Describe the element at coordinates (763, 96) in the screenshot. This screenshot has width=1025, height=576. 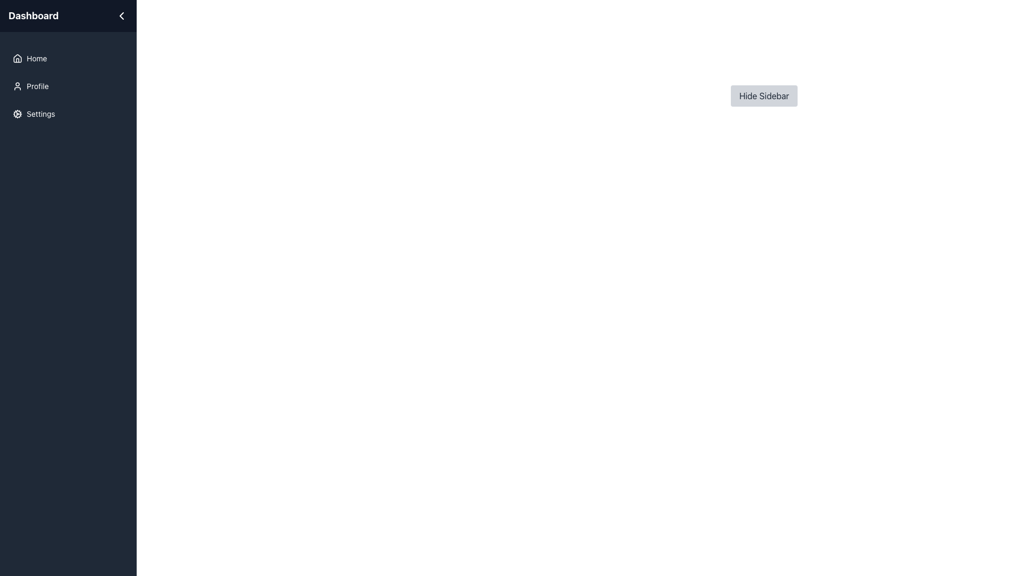
I see `the 'Hide Sidebar' button, which is a rectangular button with dark gray text on a light gray background` at that location.